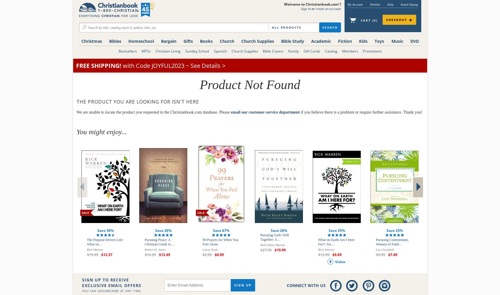  What do you see at coordinates (366, 20) in the screenshot?
I see `'Cart'` at bounding box center [366, 20].